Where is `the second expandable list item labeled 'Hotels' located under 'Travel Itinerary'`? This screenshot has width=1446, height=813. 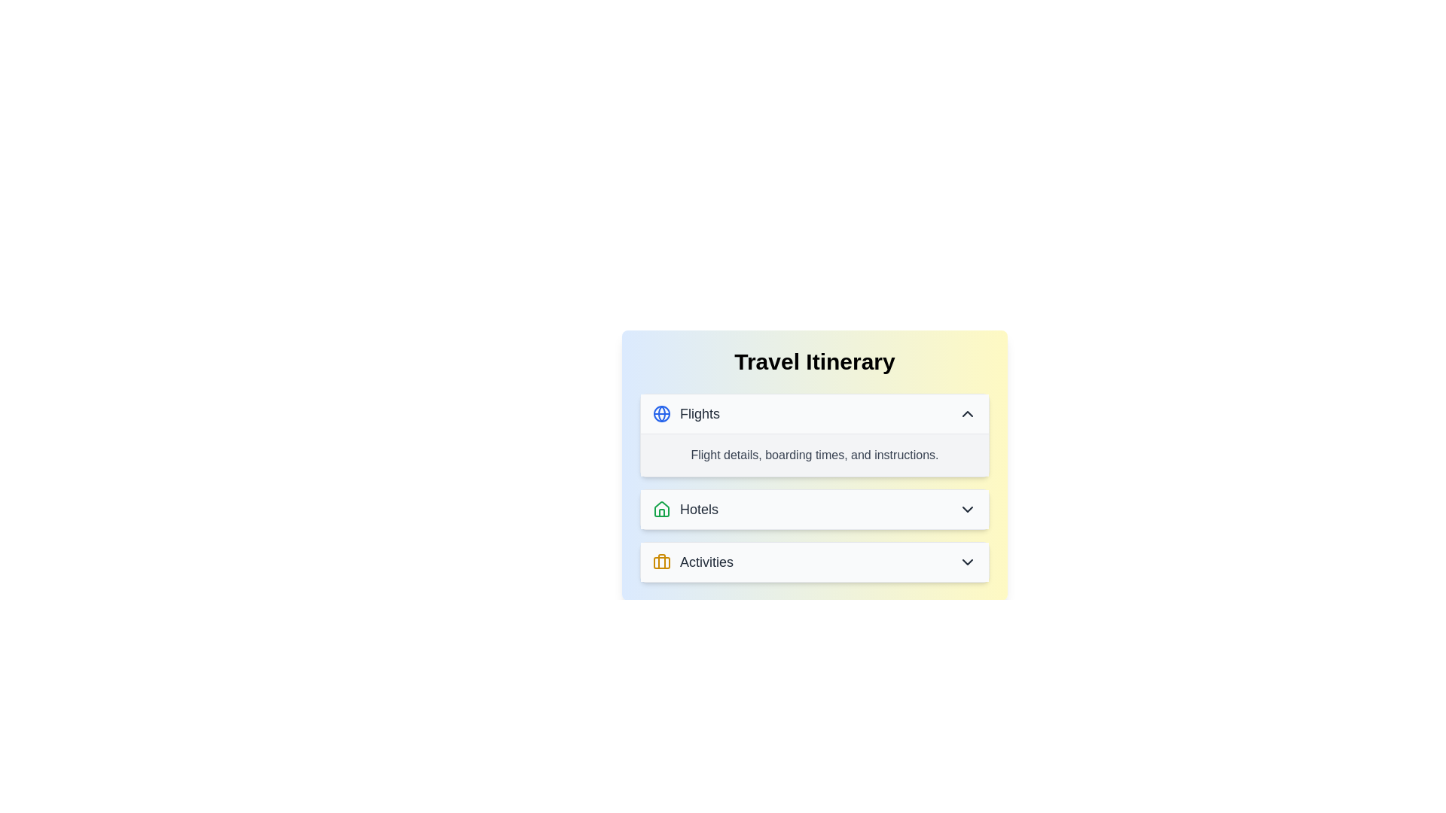 the second expandable list item labeled 'Hotels' located under 'Travel Itinerary' is located at coordinates (813, 509).